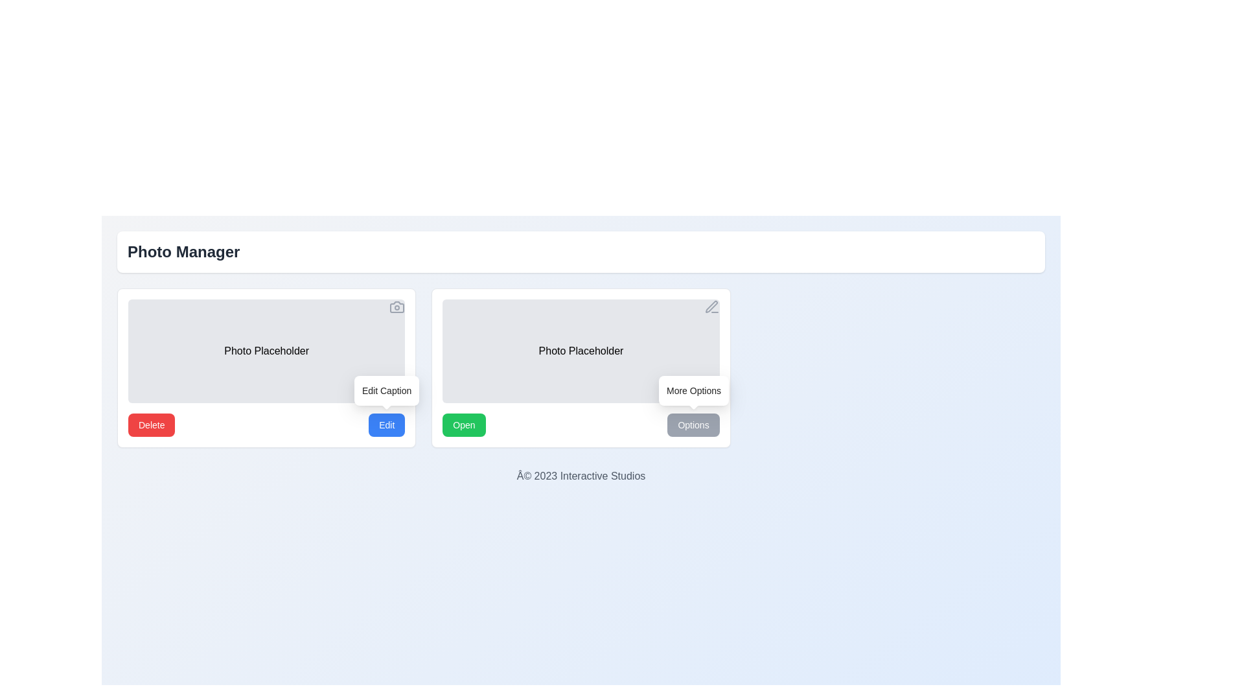  Describe the element at coordinates (397, 307) in the screenshot. I see `the photo/media icon located in the top-right corner of the first horizontally arranged card, positioned above the 'Photo Placeholder' text and to the right of the card's content` at that location.